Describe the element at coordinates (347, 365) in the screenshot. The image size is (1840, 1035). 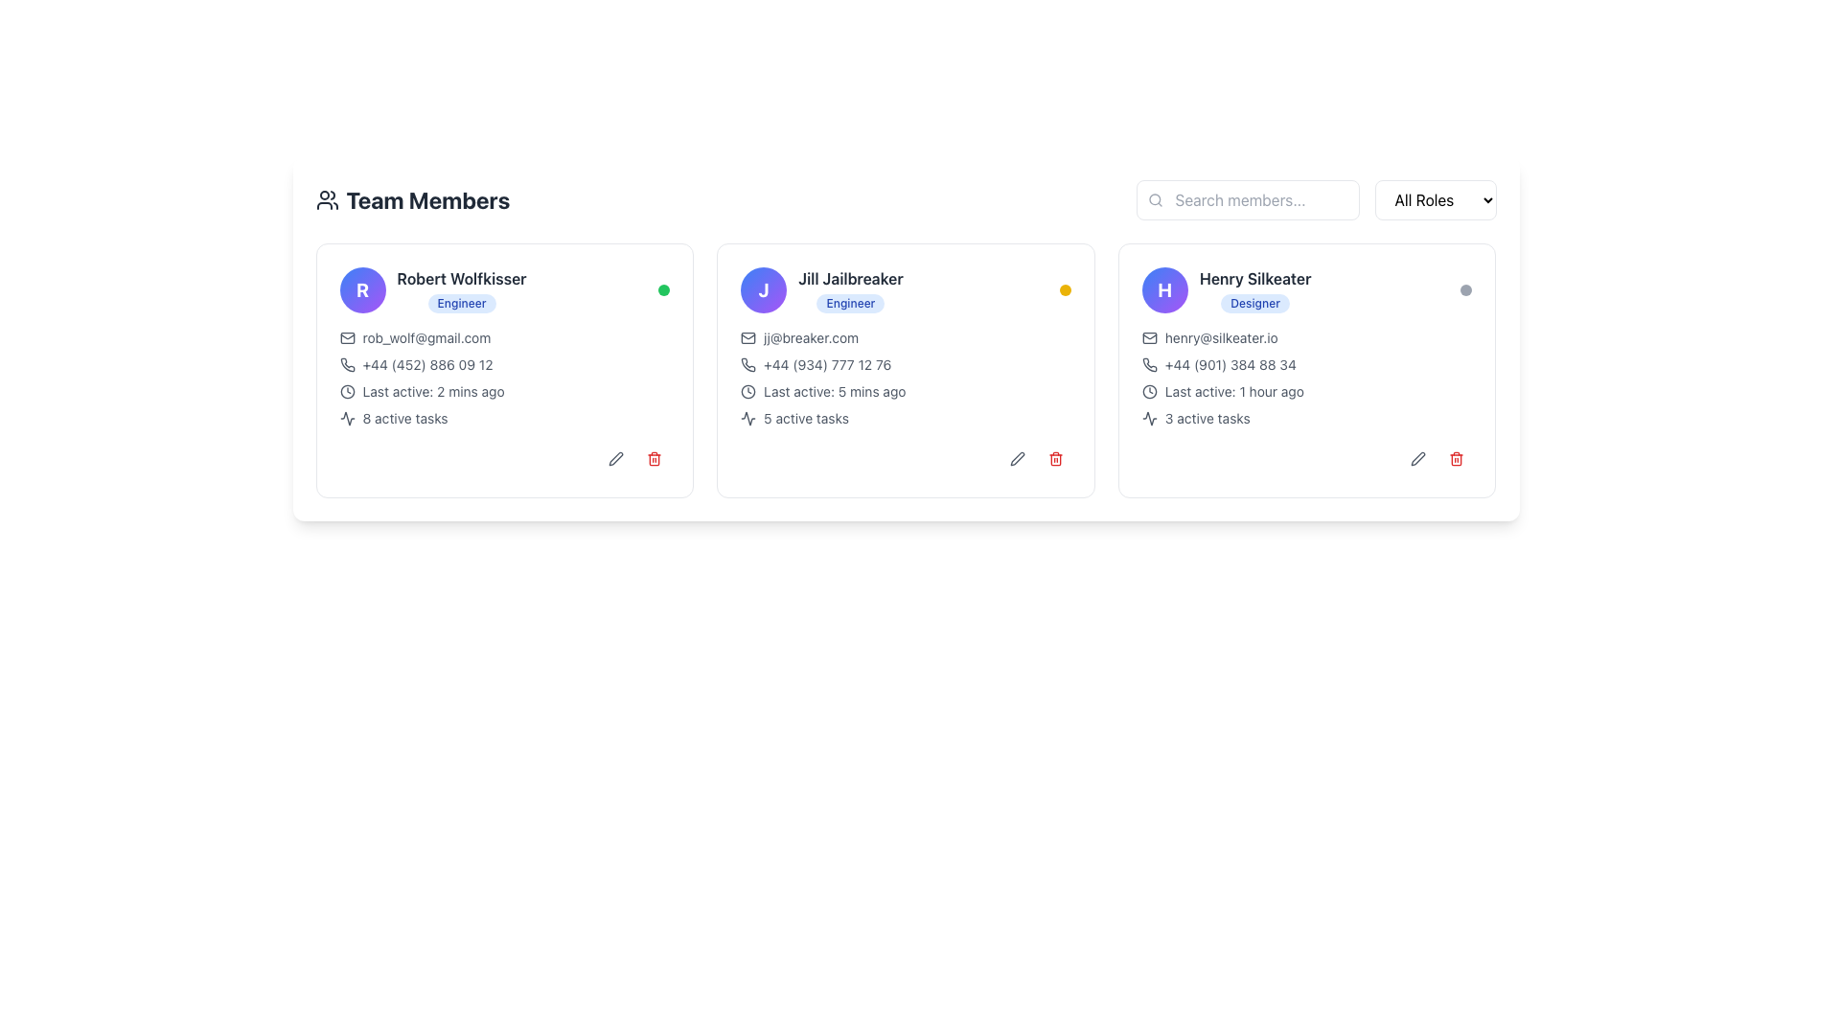
I see `the phone icon located to the left of the contact number '+44 (452) 886 09 12' within the personal contact details card for 'Robert Wolfkisser'` at that location.